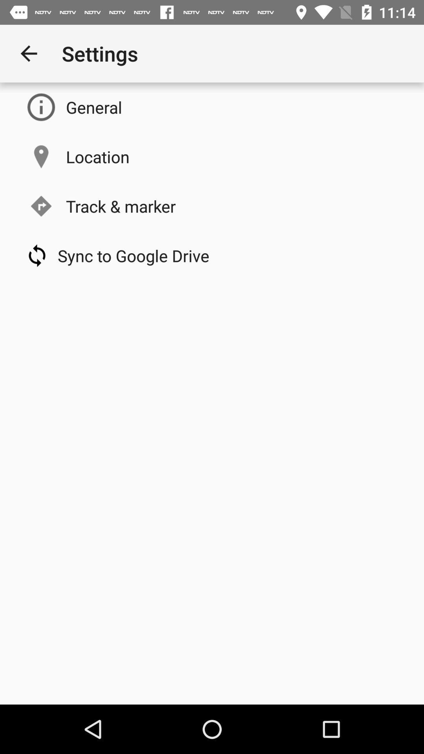 The width and height of the screenshot is (424, 754). Describe the element at coordinates (28, 53) in the screenshot. I see `the item next to the settings app` at that location.